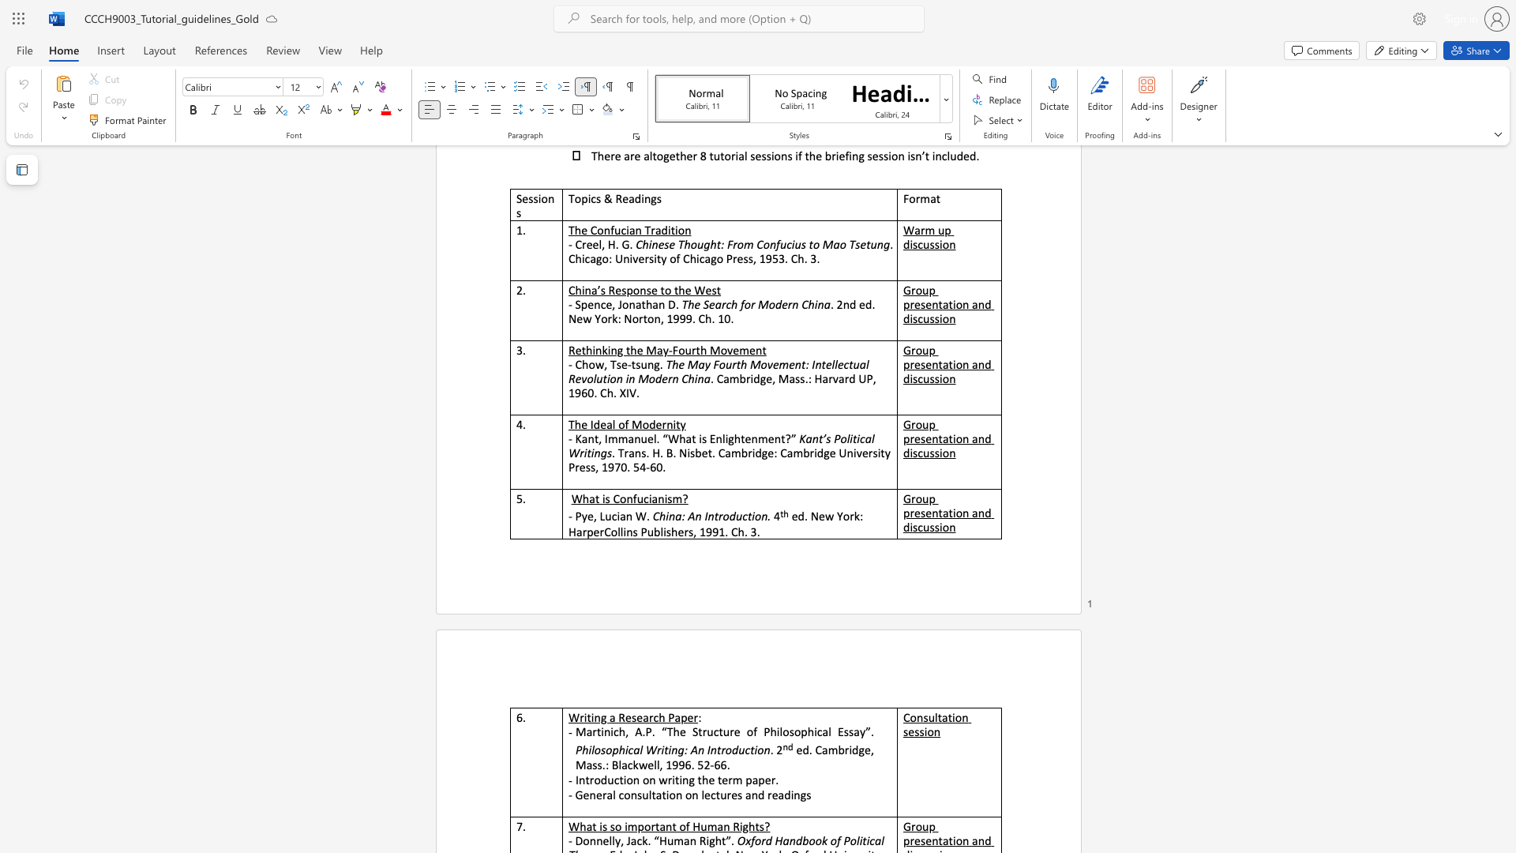 Image resolution: width=1516 pixels, height=853 pixels. What do you see at coordinates (924, 731) in the screenshot?
I see `the subset text "ion" within the text "Consultation session"` at bounding box center [924, 731].